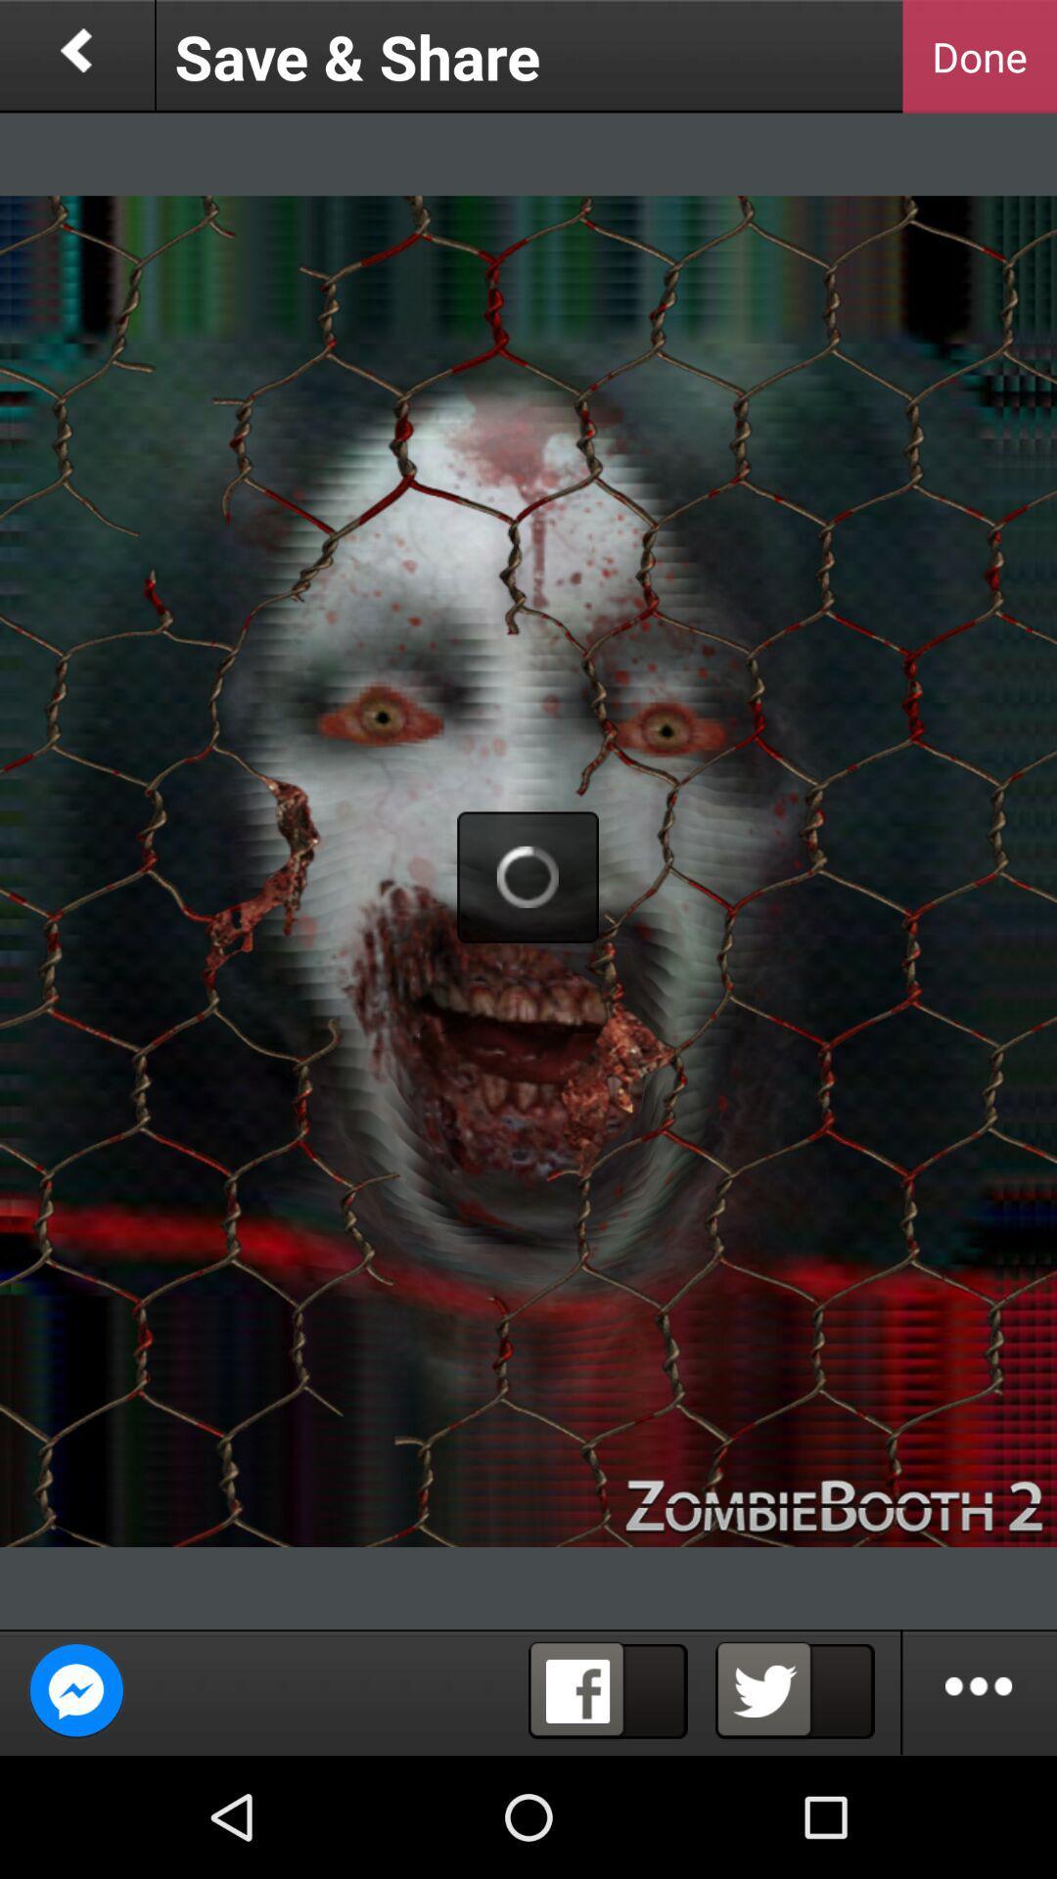 The width and height of the screenshot is (1057, 1879). What do you see at coordinates (980, 1691) in the screenshot?
I see `more options` at bounding box center [980, 1691].